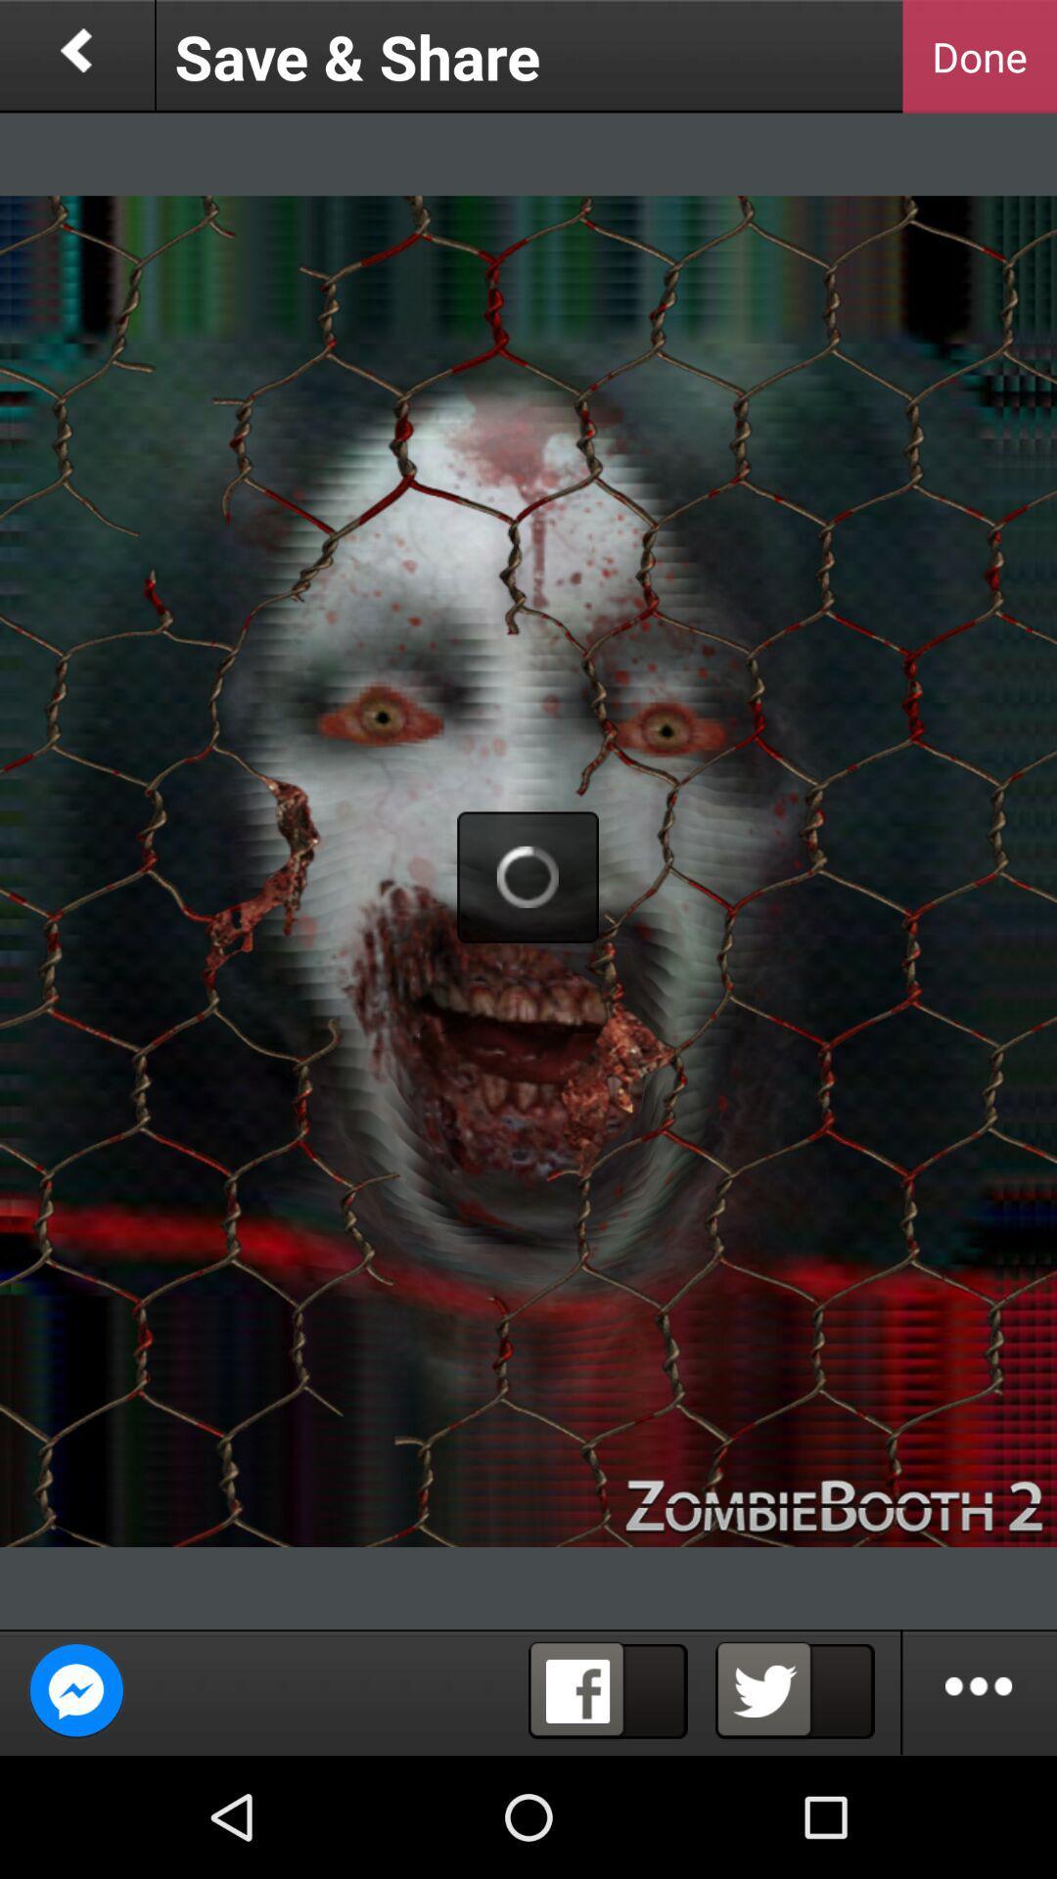 The width and height of the screenshot is (1057, 1879). What do you see at coordinates (980, 1691) in the screenshot?
I see `more options` at bounding box center [980, 1691].